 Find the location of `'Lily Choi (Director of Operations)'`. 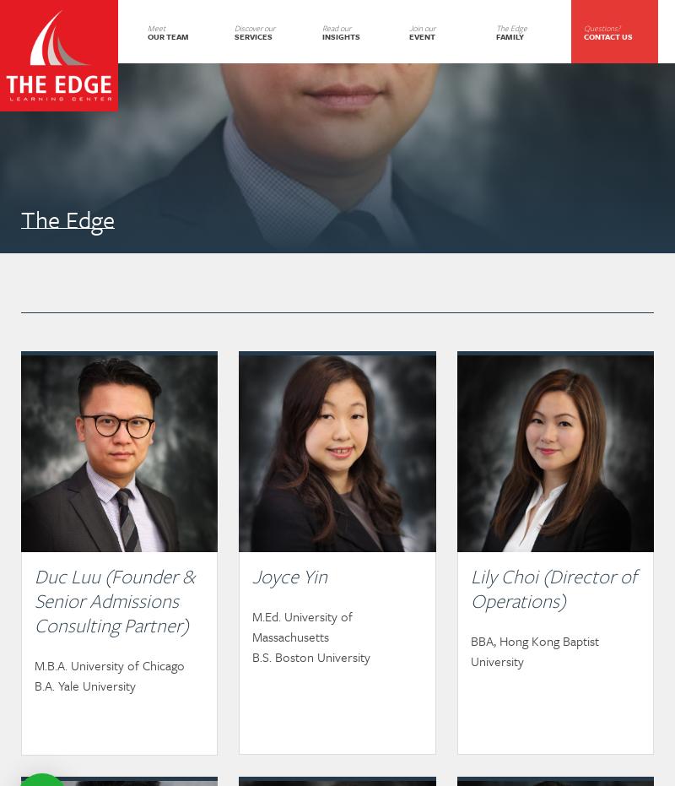

'Lily Choi (Director of Operations)' is located at coordinates (552, 588).